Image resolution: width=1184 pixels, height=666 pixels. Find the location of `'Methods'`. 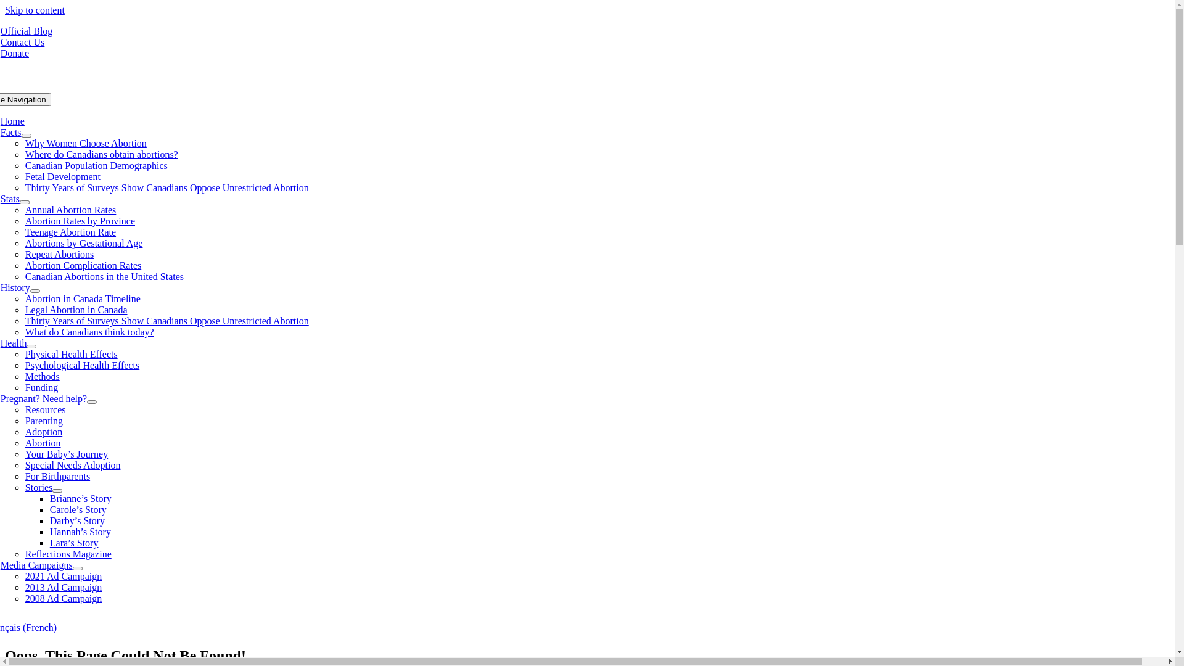

'Methods' is located at coordinates (42, 376).